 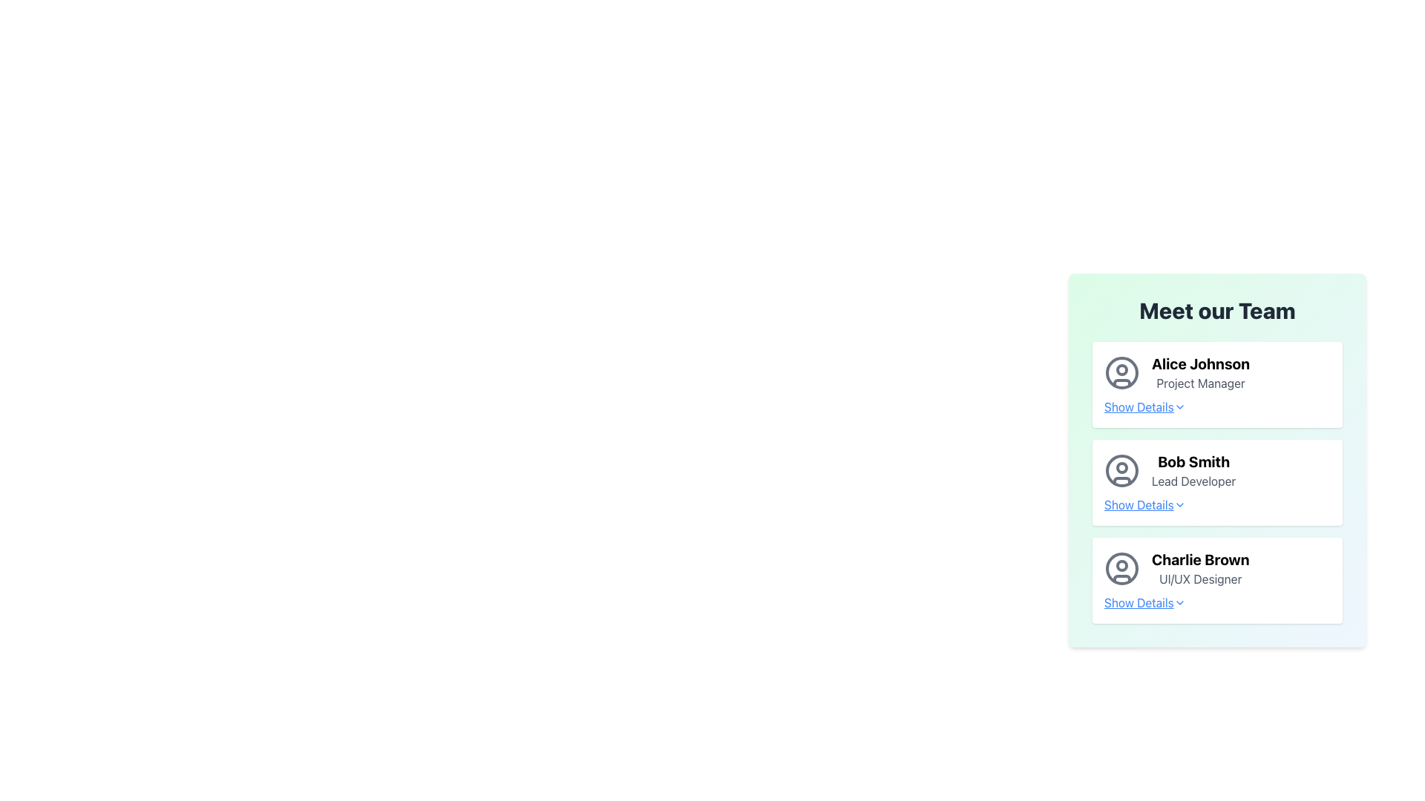 I want to click on the circular outline element of the user avatar, which is the outermost of the three concentric circles located next to 'Alice Johnson' in the 'Meet our Team' section's first card, so click(x=1122, y=372).